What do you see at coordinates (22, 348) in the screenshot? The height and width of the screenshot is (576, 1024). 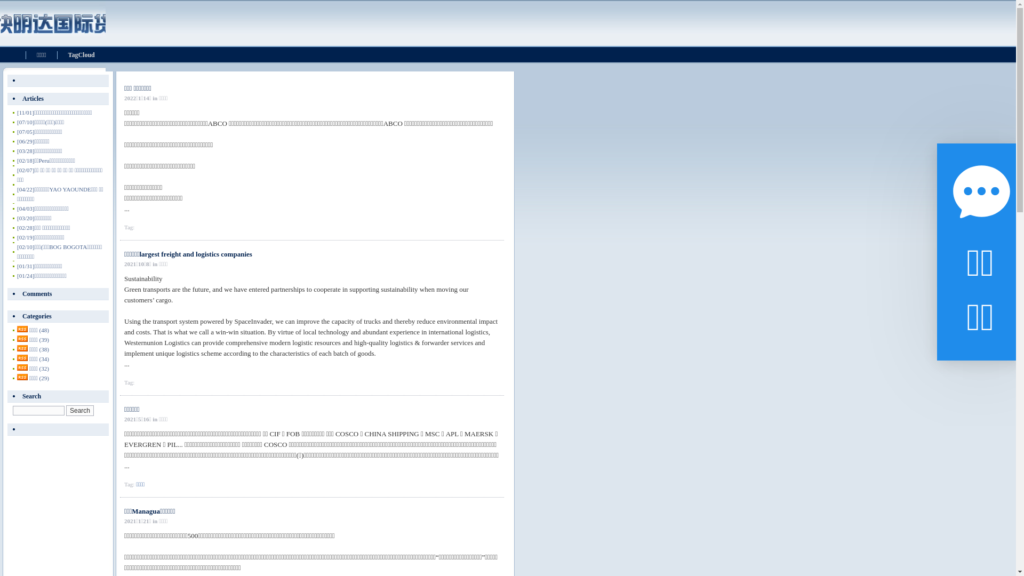 I see `'rss'` at bounding box center [22, 348].